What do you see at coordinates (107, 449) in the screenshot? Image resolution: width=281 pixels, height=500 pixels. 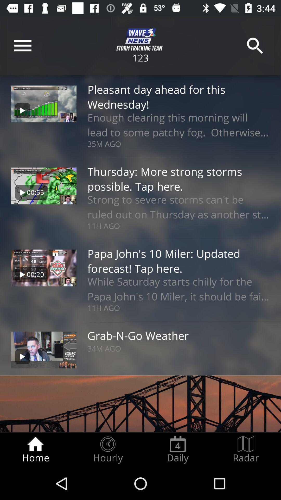 I see `radio button next to daily` at bounding box center [107, 449].